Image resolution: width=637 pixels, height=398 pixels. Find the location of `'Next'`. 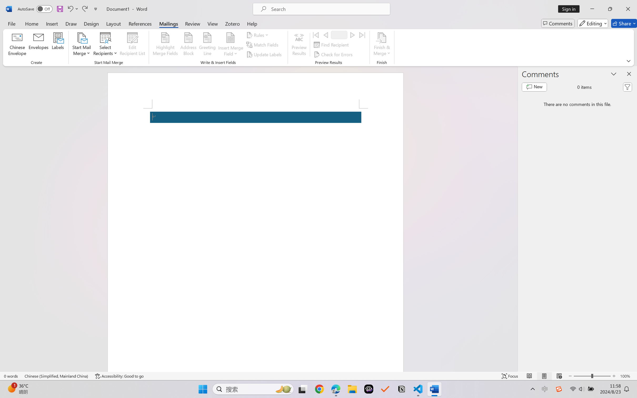

'Next' is located at coordinates (352, 34).